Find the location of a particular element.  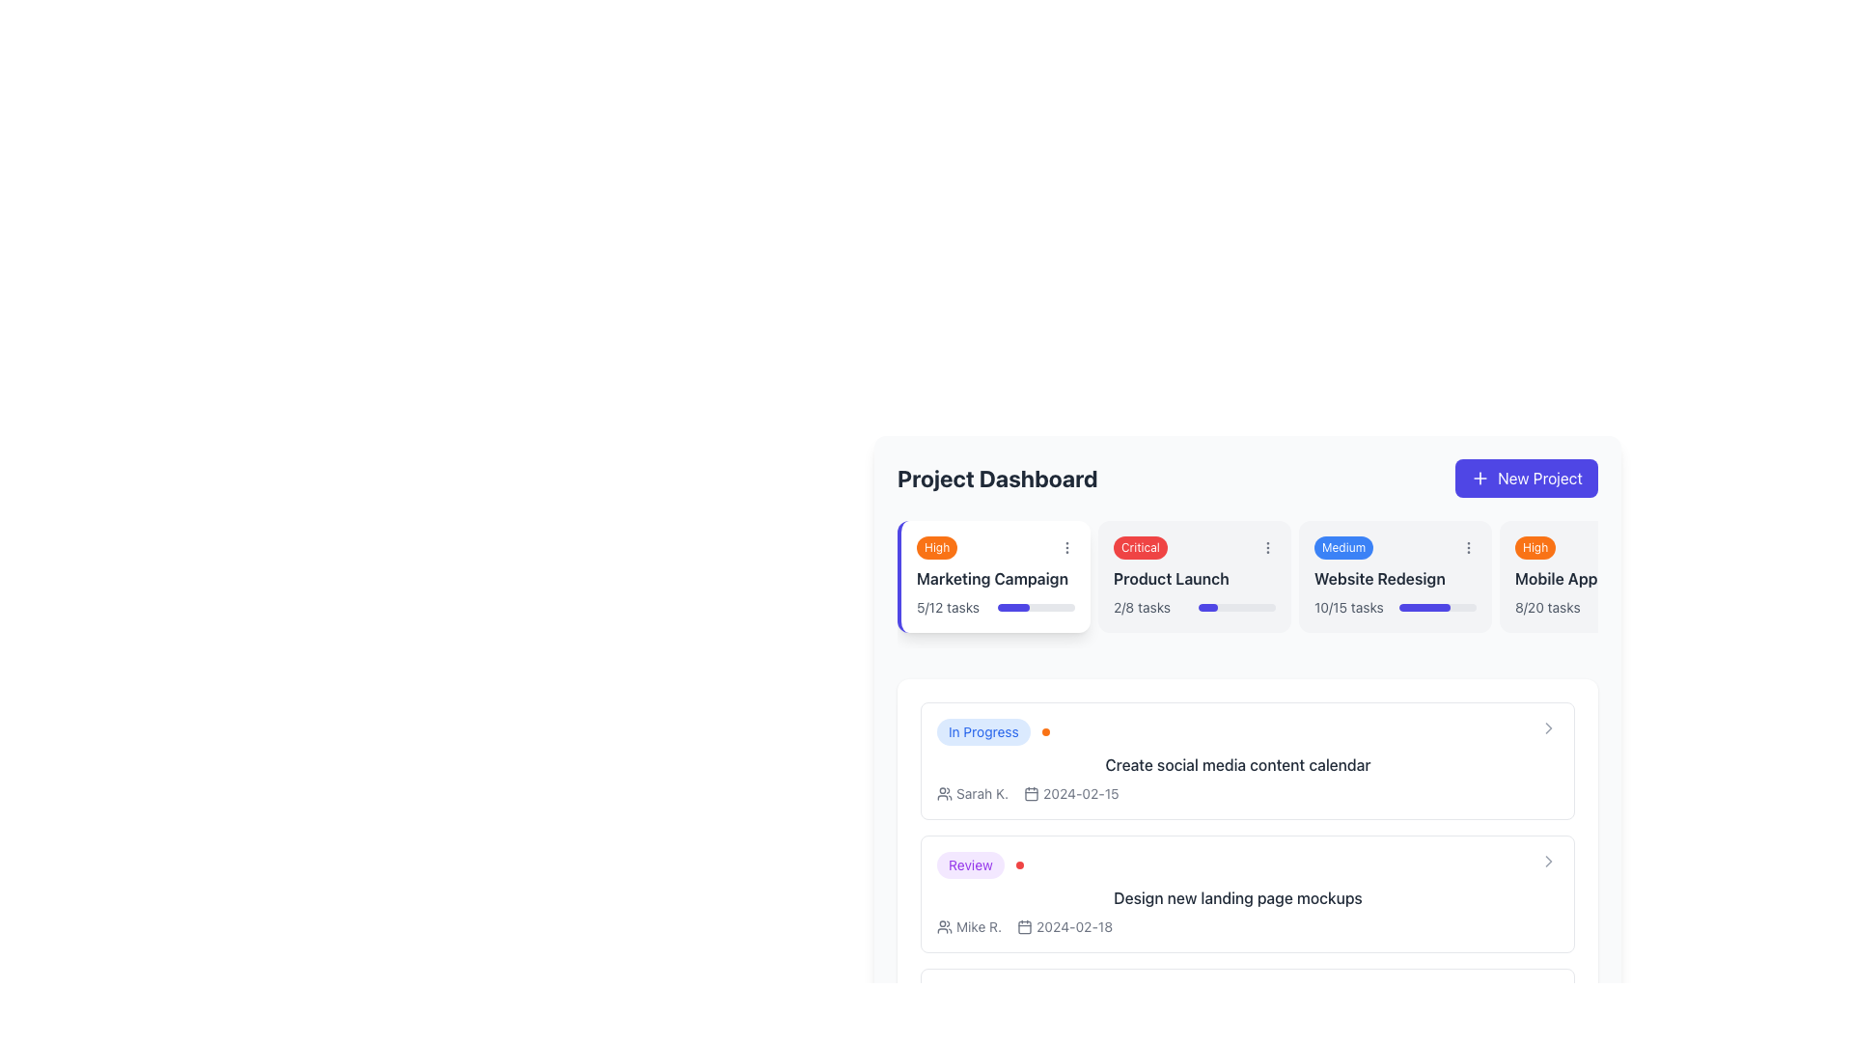

the static text label that identifies the project or task, located in the upper-middle section of the rightmost card, beneath the 'High' badge and above the progress text '8/20 tasks' is located at coordinates (1596, 578).